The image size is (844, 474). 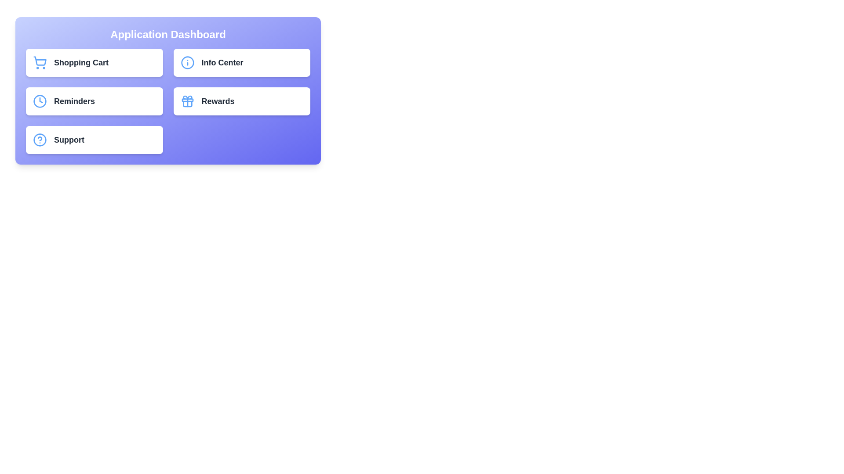 I want to click on the 'Application Dashboard' text display, which is a bold white title centered at the top of the header area against a gradient background, so click(x=168, y=34).